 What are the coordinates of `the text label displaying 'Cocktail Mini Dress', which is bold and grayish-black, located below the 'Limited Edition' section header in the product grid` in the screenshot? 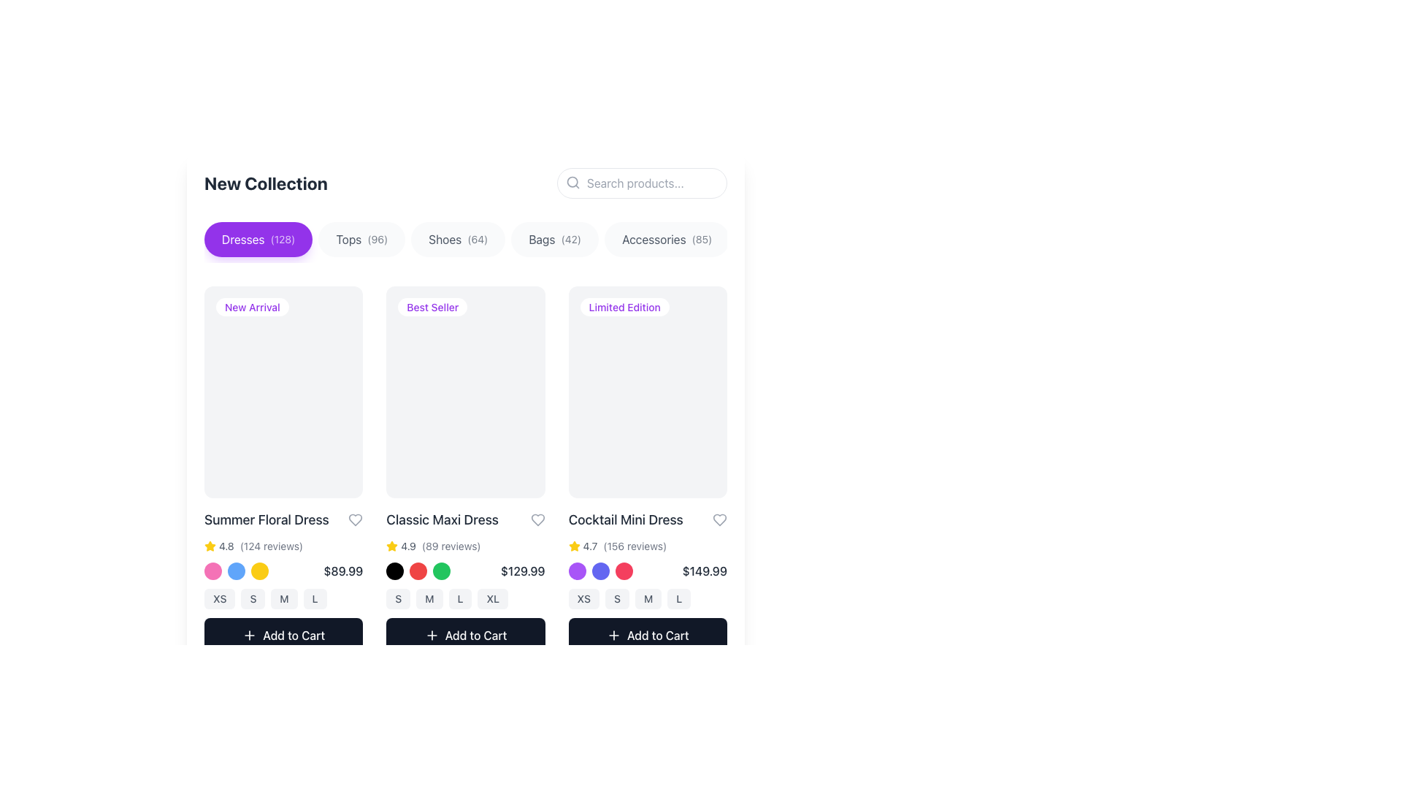 It's located at (626, 519).